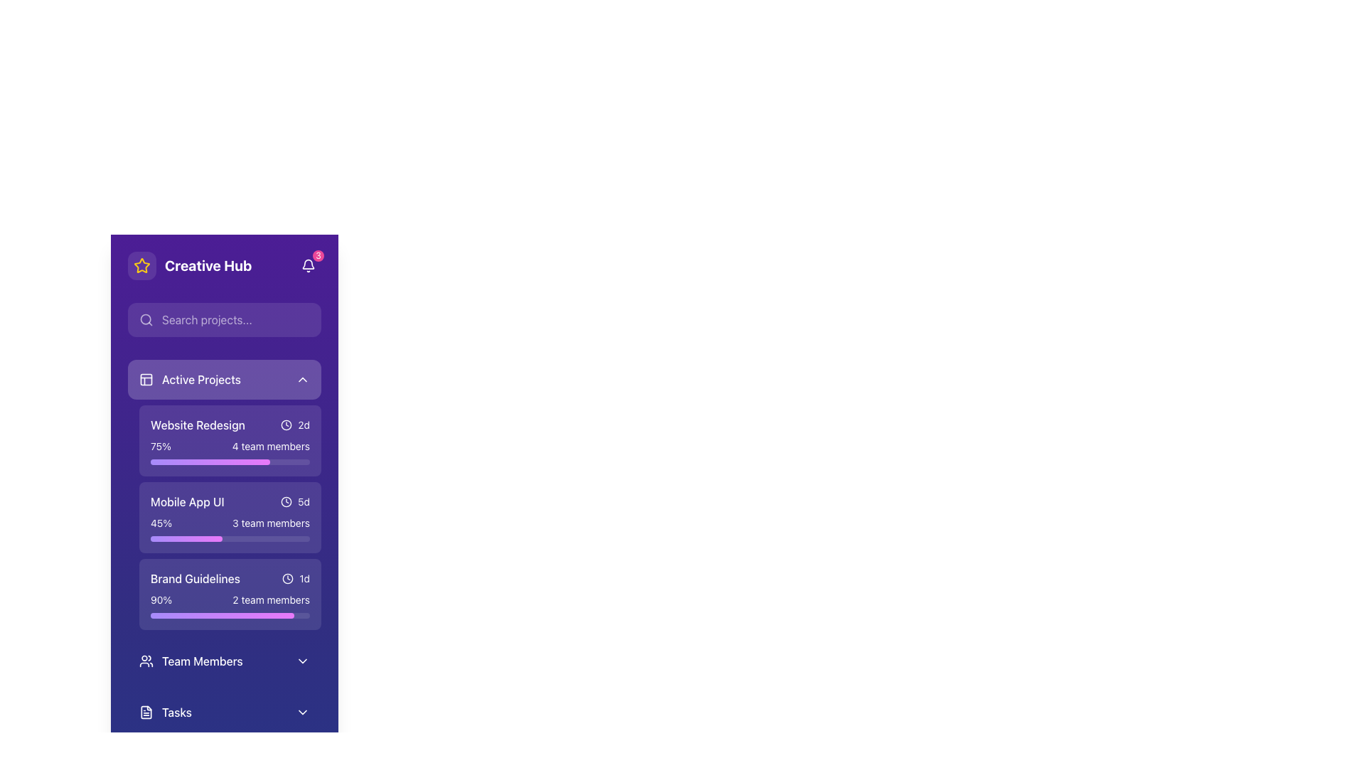 The width and height of the screenshot is (1365, 768). Describe the element at coordinates (189, 378) in the screenshot. I see `the 'Active Projects' labeled category header element, which features an icon with a white outline on a purple background and text in medium-weight font style` at that location.